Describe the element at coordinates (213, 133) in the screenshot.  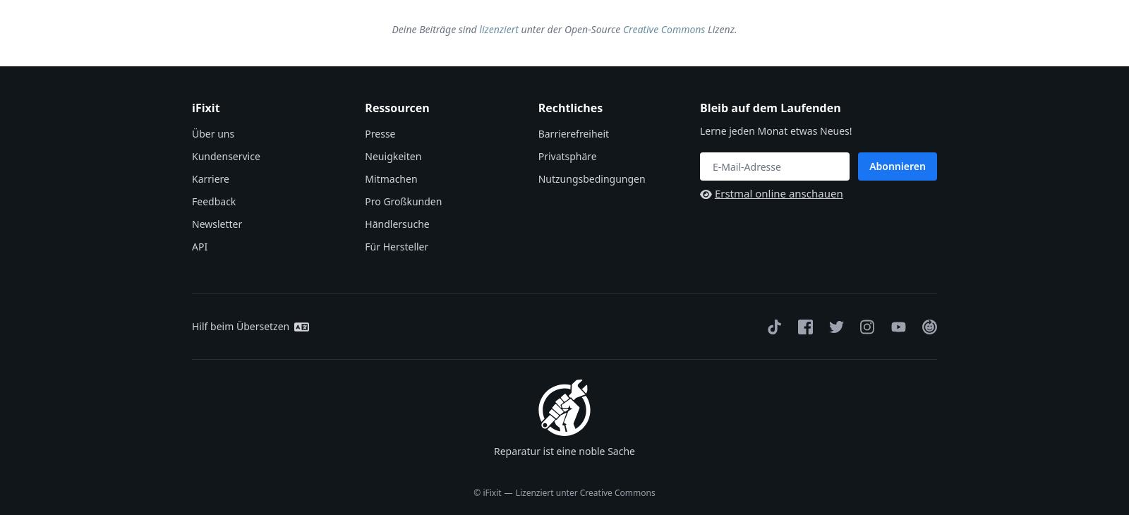
I see `'Über uns'` at that location.